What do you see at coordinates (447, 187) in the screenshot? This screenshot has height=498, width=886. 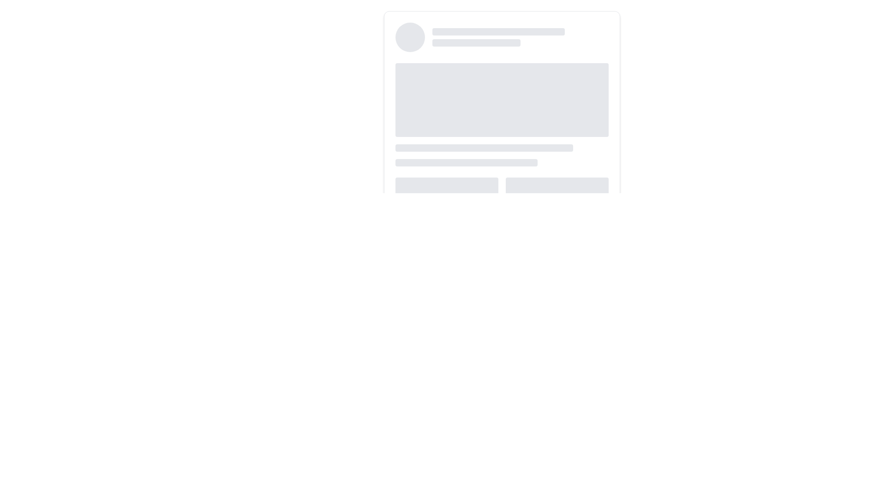 I see `the leftmost static placeholder or content loader, which is a rectangular box with rounded corners and a light gray background, positioned at the bottom section of the interface` at bounding box center [447, 187].